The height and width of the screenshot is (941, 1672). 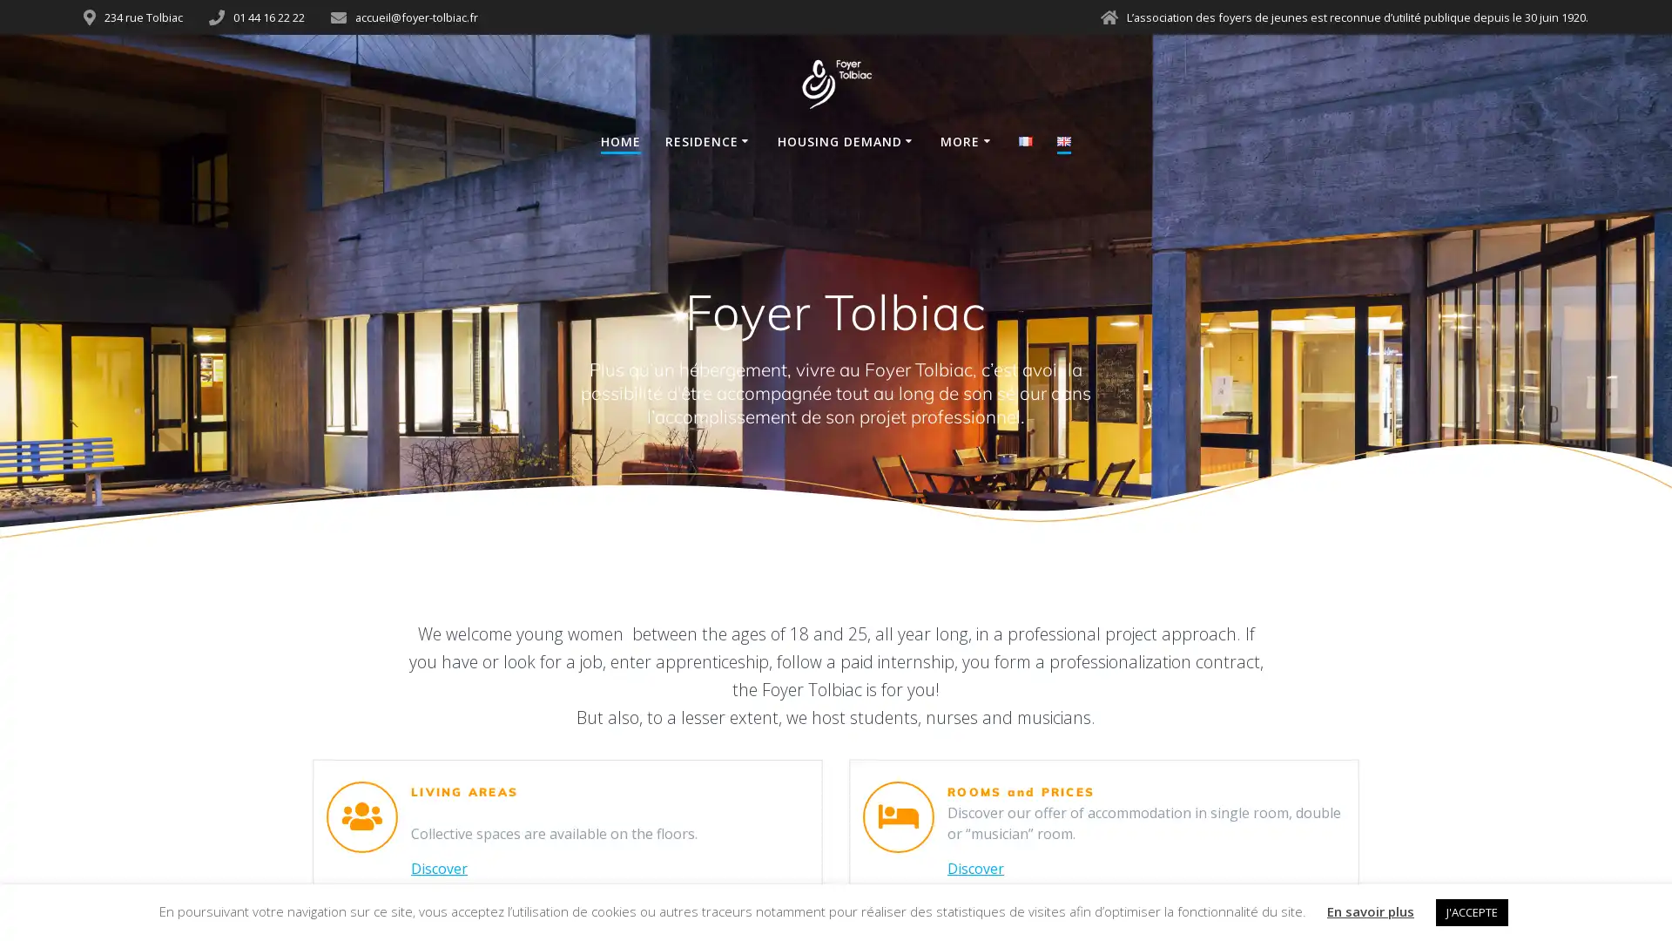 I want to click on J'ACCEPTE, so click(x=1471, y=911).